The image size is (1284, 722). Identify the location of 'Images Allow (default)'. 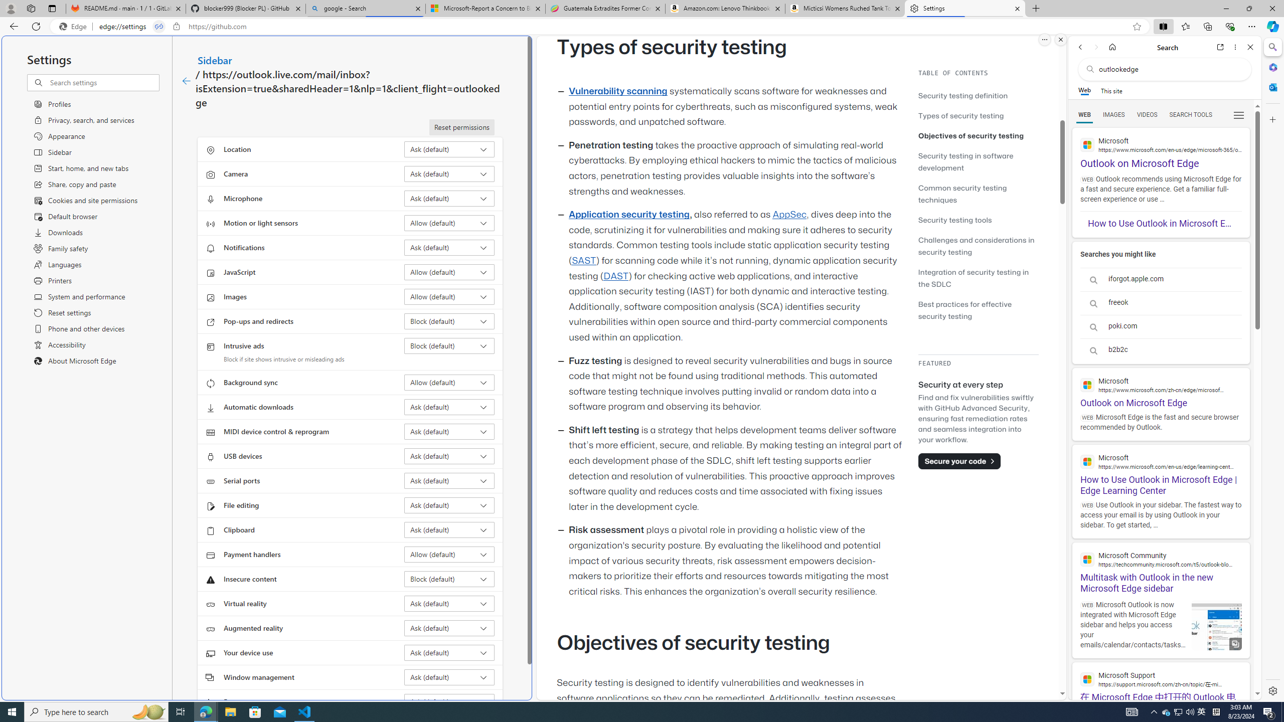
(449, 296).